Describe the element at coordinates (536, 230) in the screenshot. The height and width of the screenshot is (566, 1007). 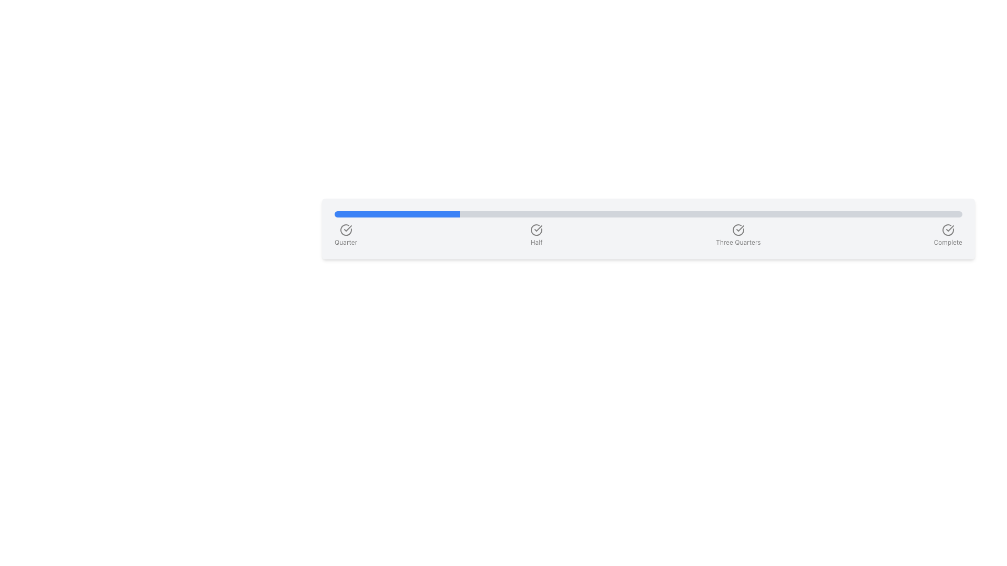
I see `the circular checkmark icon located above the text 'Half' on the horizontal progression indicator to focus or select it` at that location.